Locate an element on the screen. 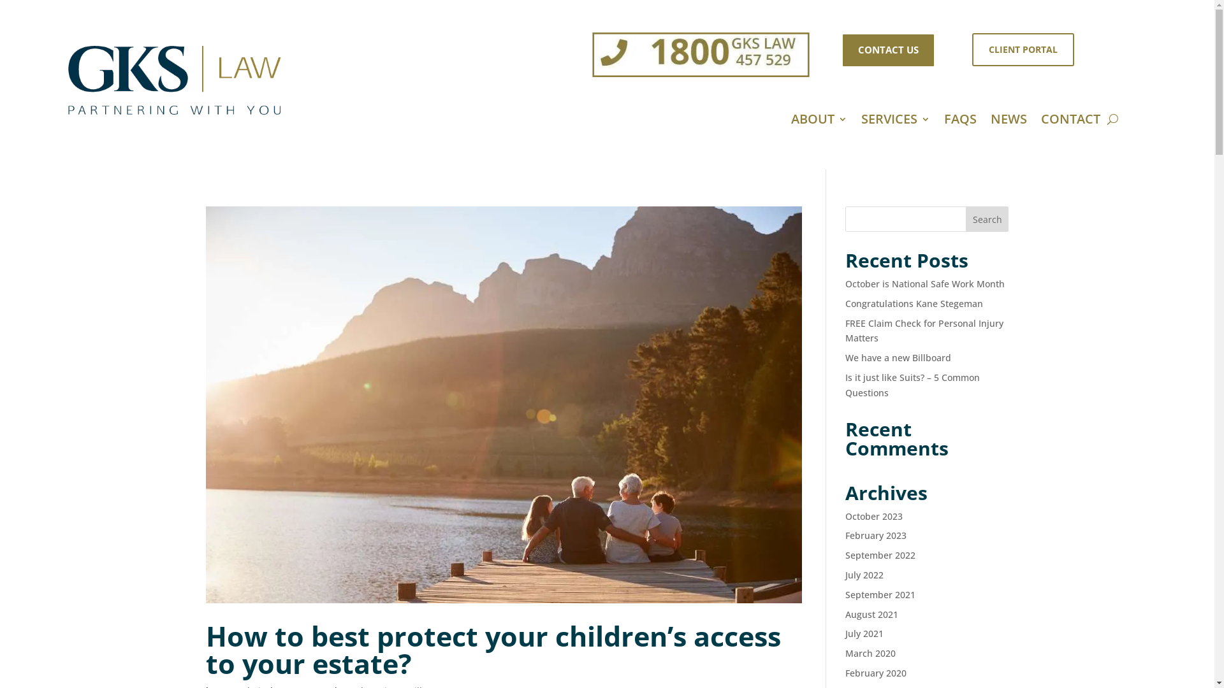 This screenshot has width=1224, height=688. 'July 2021' is located at coordinates (864, 633).